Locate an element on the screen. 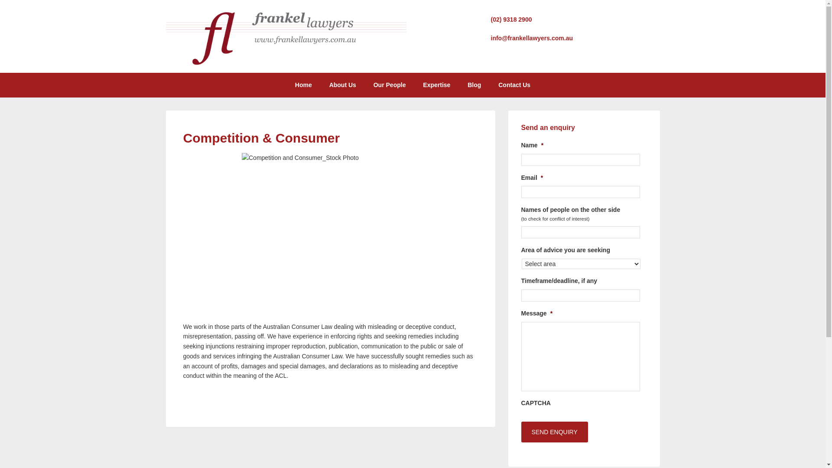 Image resolution: width=832 pixels, height=468 pixels. 'Blog' is located at coordinates (459, 85).